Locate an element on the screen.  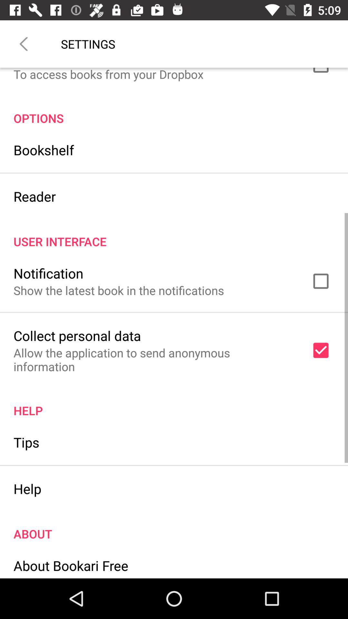
the to access books is located at coordinates (108, 75).